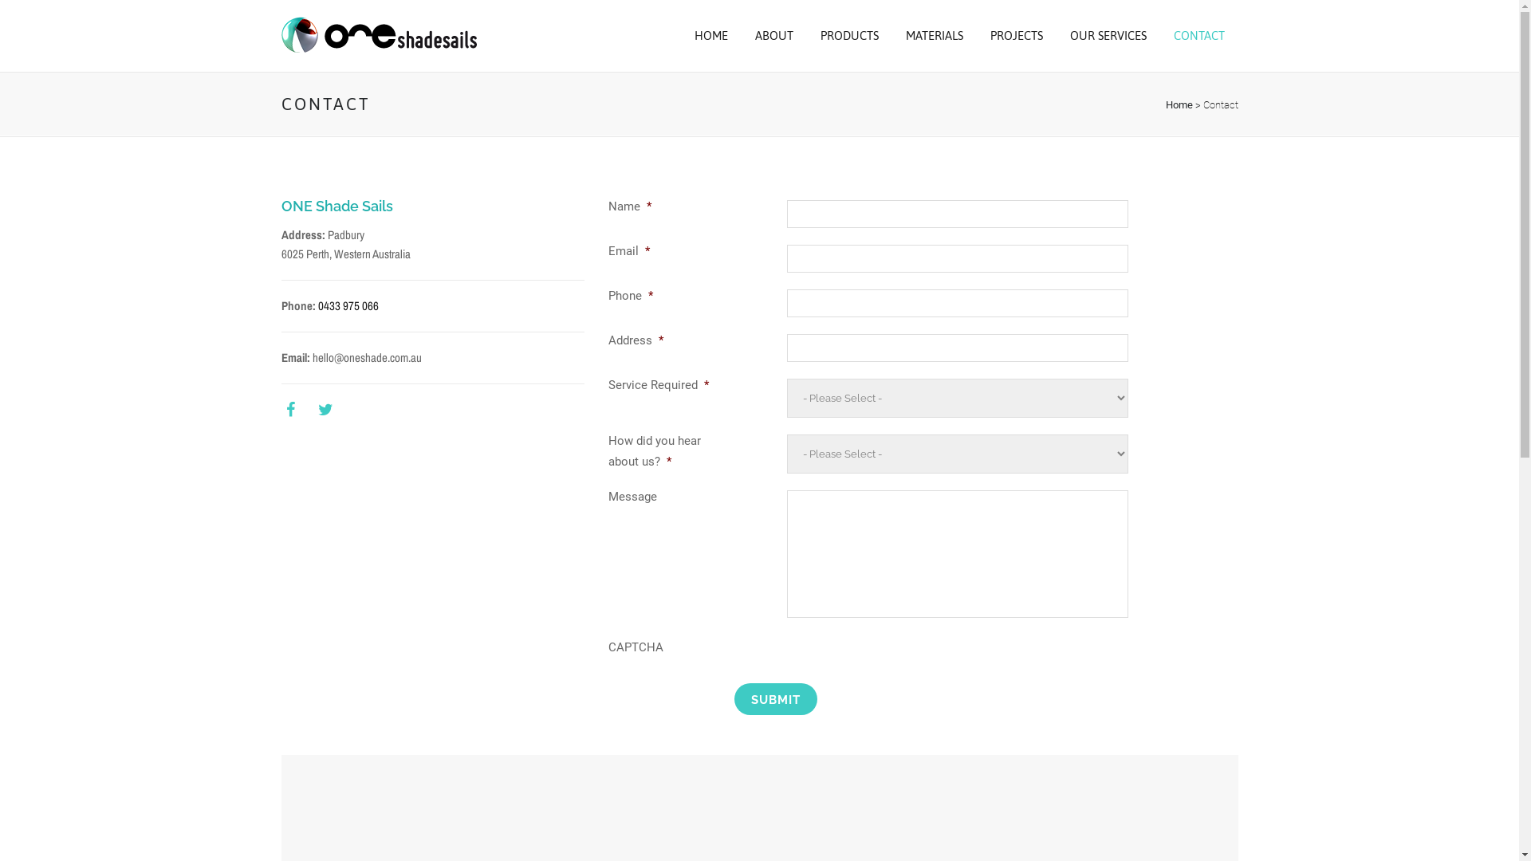 This screenshot has height=861, width=1531. I want to click on 'ABOUT', so click(773, 36).